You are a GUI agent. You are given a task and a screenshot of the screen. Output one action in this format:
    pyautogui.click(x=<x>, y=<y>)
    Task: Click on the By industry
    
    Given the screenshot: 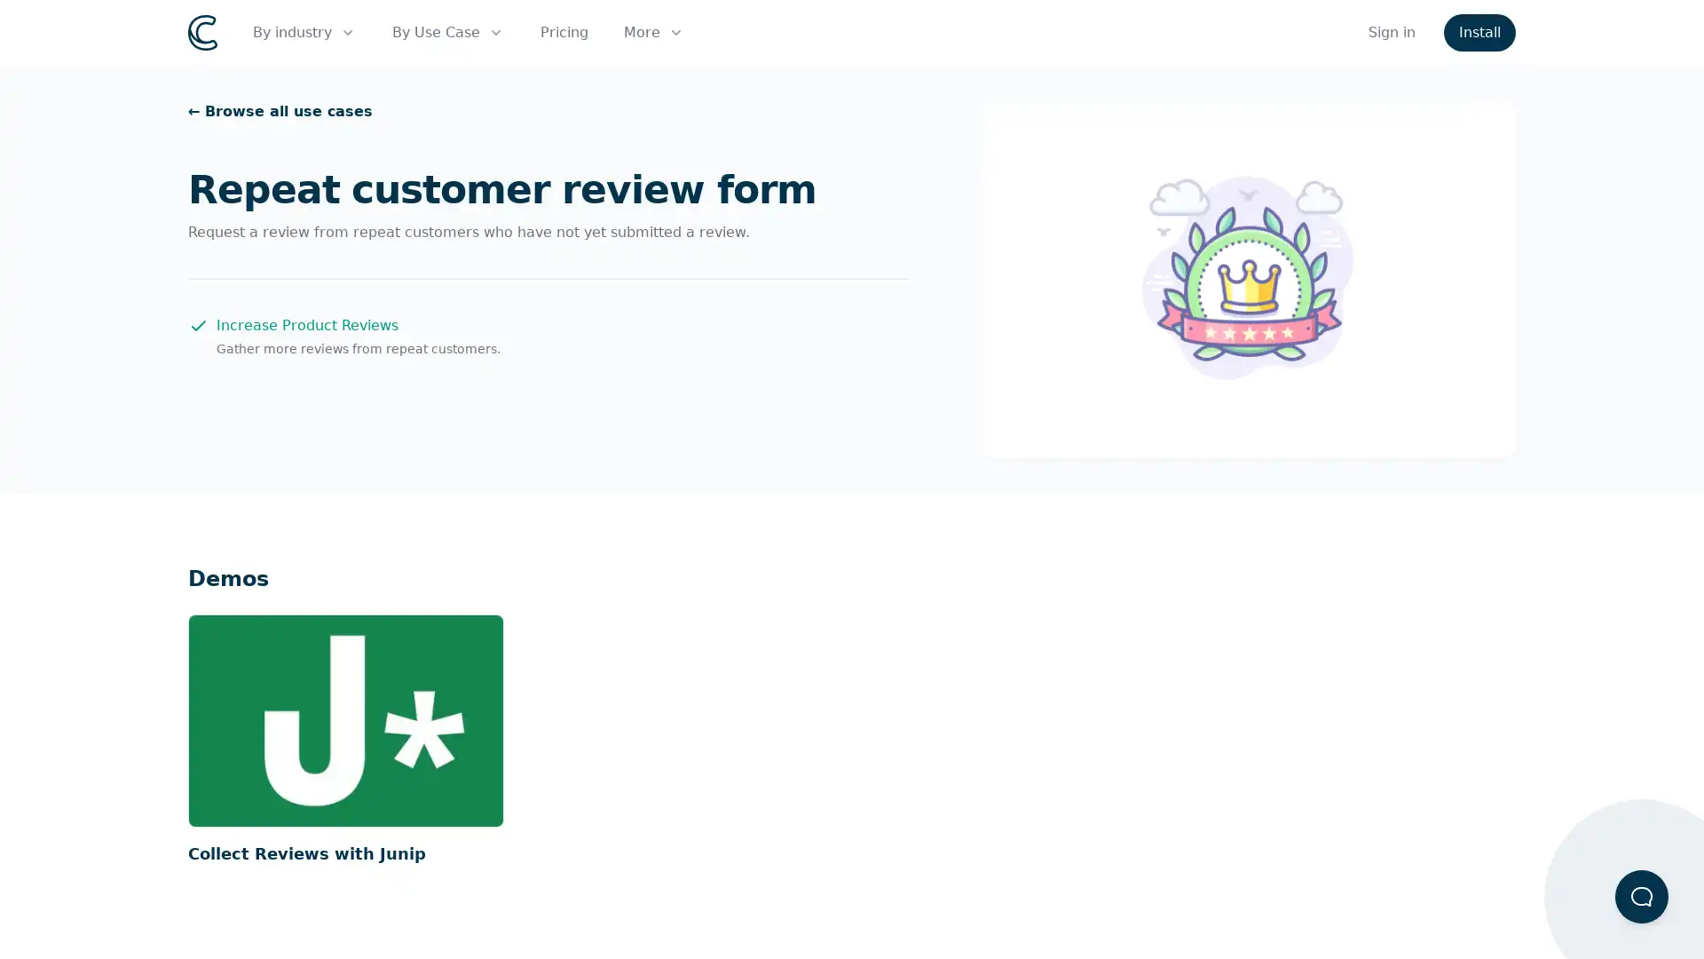 What is the action you would take?
    pyautogui.click(x=304, y=33)
    